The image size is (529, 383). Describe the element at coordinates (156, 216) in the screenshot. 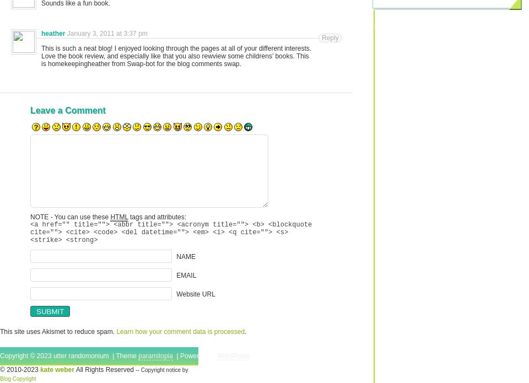

I see `'tags and attributes:'` at that location.